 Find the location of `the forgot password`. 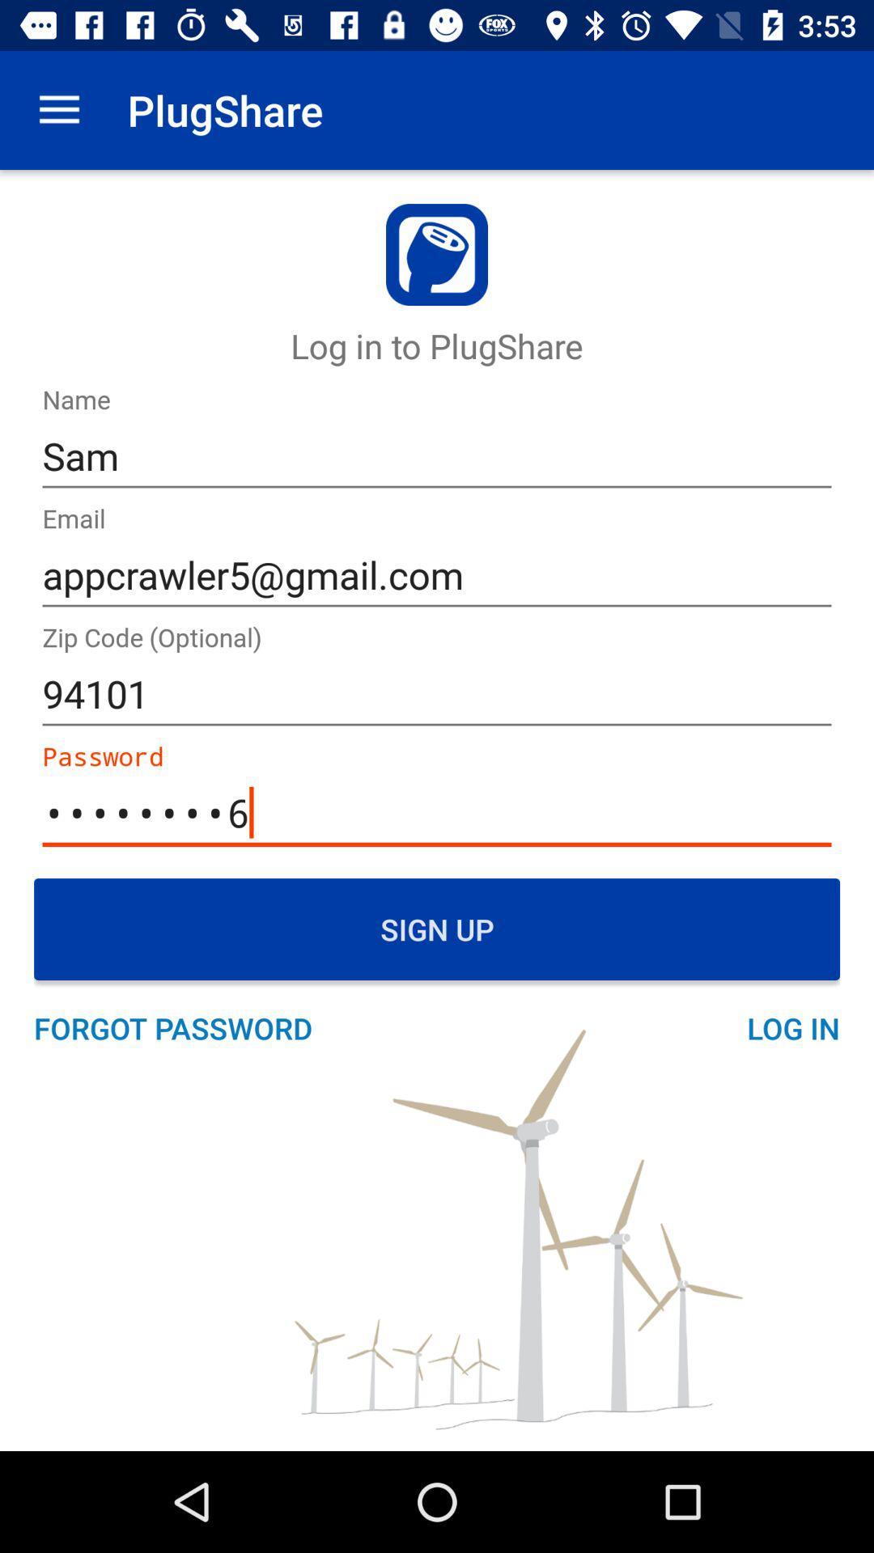

the forgot password is located at coordinates (181, 1027).